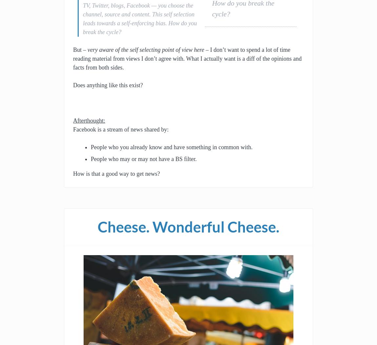 The height and width of the screenshot is (345, 377). What do you see at coordinates (116, 173) in the screenshot?
I see `'How is that a good way to get news?'` at bounding box center [116, 173].